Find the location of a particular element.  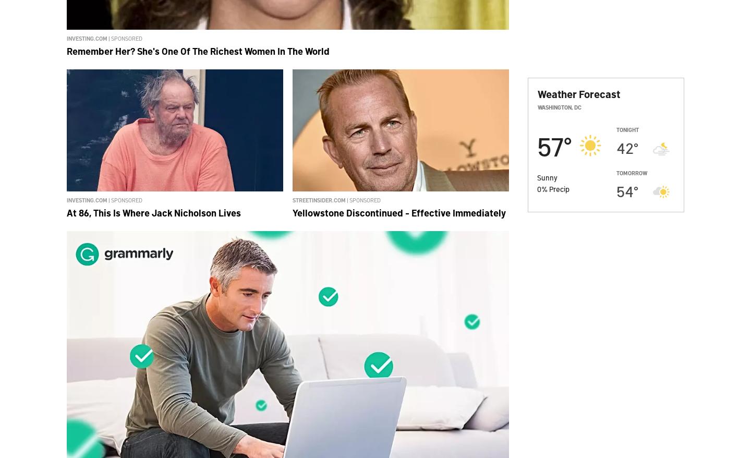

'0' is located at coordinates (539, 188).